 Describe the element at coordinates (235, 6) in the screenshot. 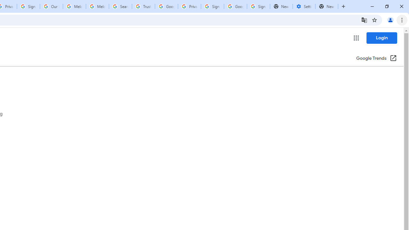

I see `'Google Cybersecurity Innovations - Google Safety Center'` at that location.